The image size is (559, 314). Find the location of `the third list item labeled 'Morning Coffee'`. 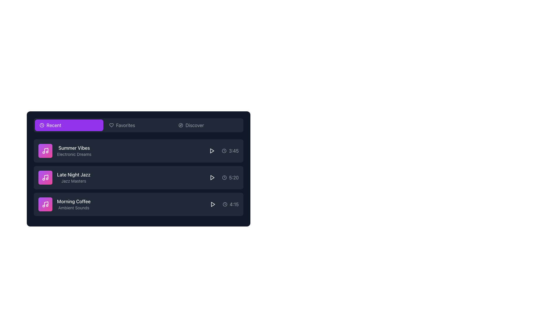

the third list item labeled 'Morning Coffee' is located at coordinates (73, 204).